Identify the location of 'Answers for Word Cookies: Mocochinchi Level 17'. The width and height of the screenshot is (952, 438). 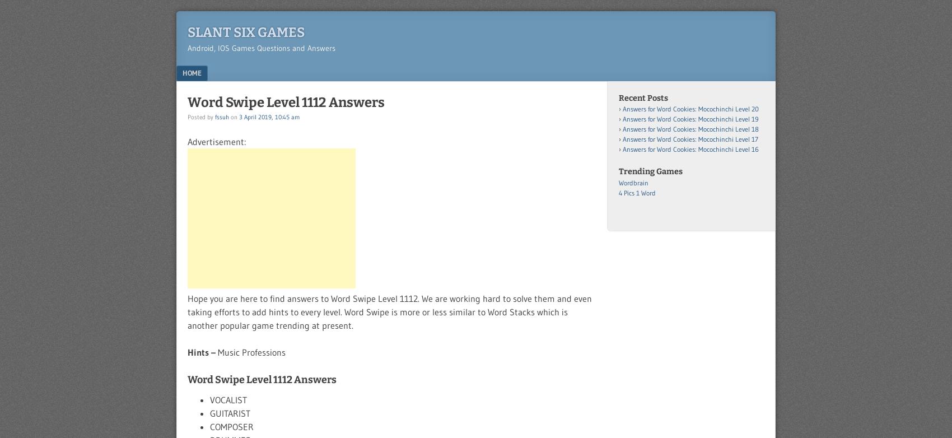
(690, 138).